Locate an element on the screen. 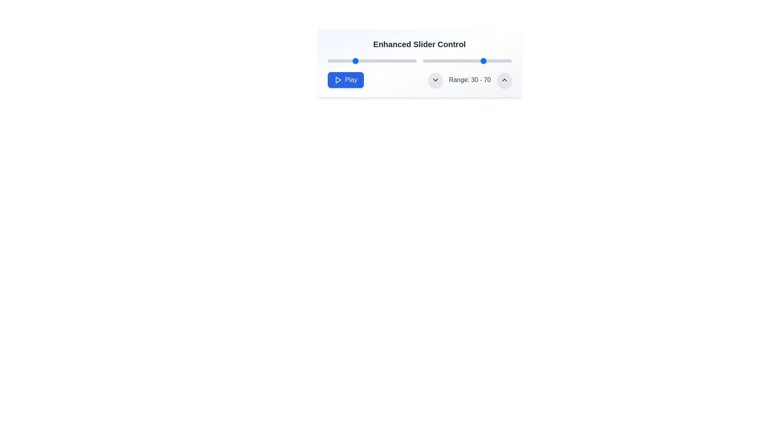 Image resolution: width=761 pixels, height=428 pixels. the slider value is located at coordinates (456, 61).